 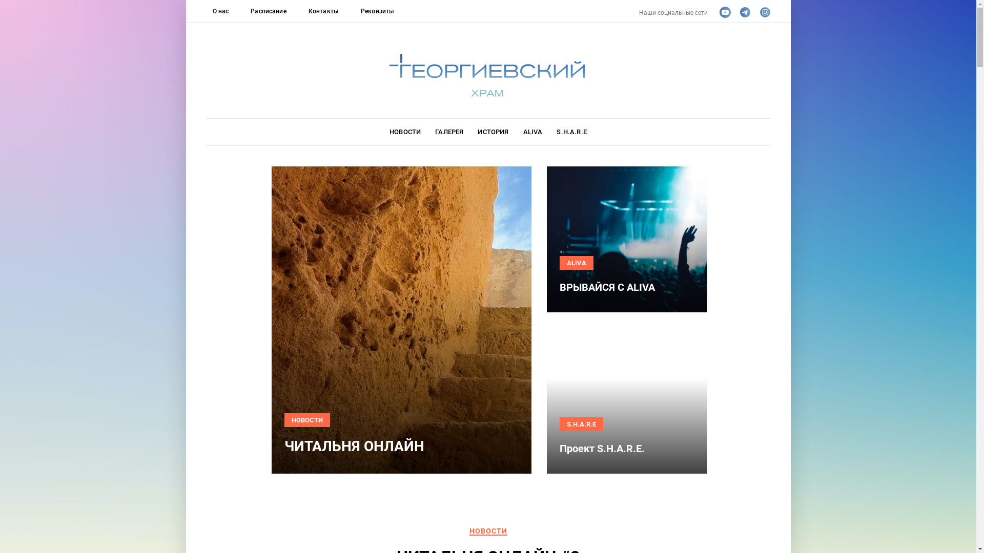 I want to click on 'S.H.A.R.E', so click(x=570, y=132).